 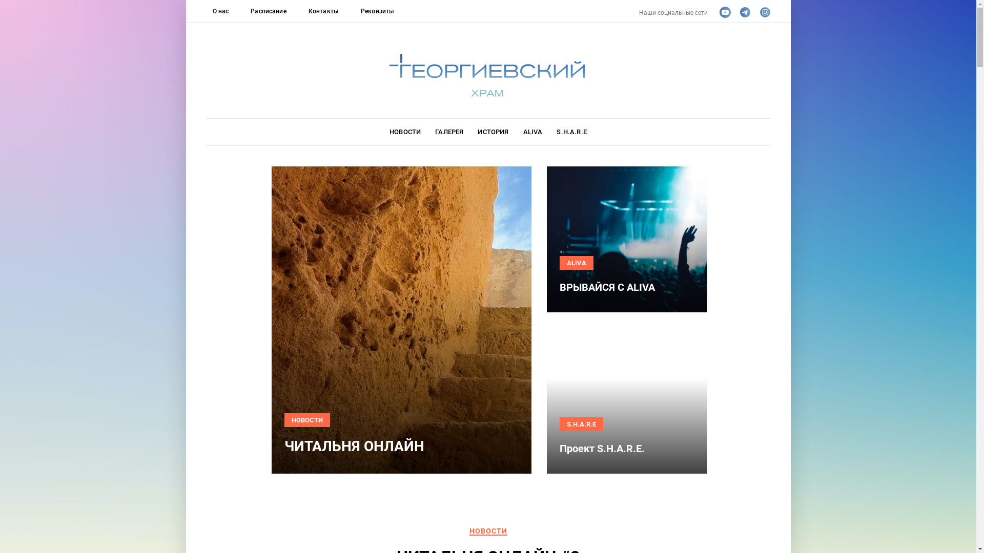 I want to click on 'S.H.A.R.E', so click(x=570, y=132).